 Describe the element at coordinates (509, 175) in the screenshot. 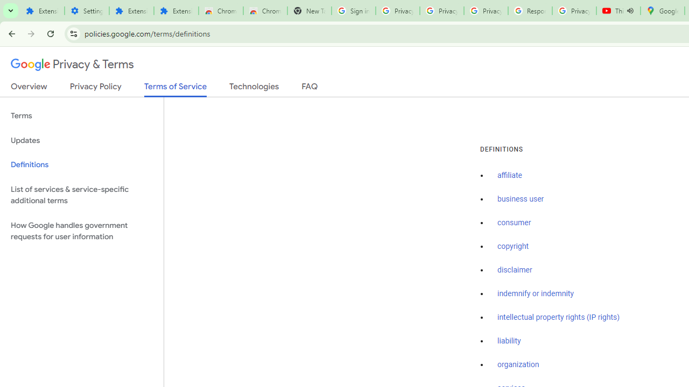

I see `'affiliate'` at that location.